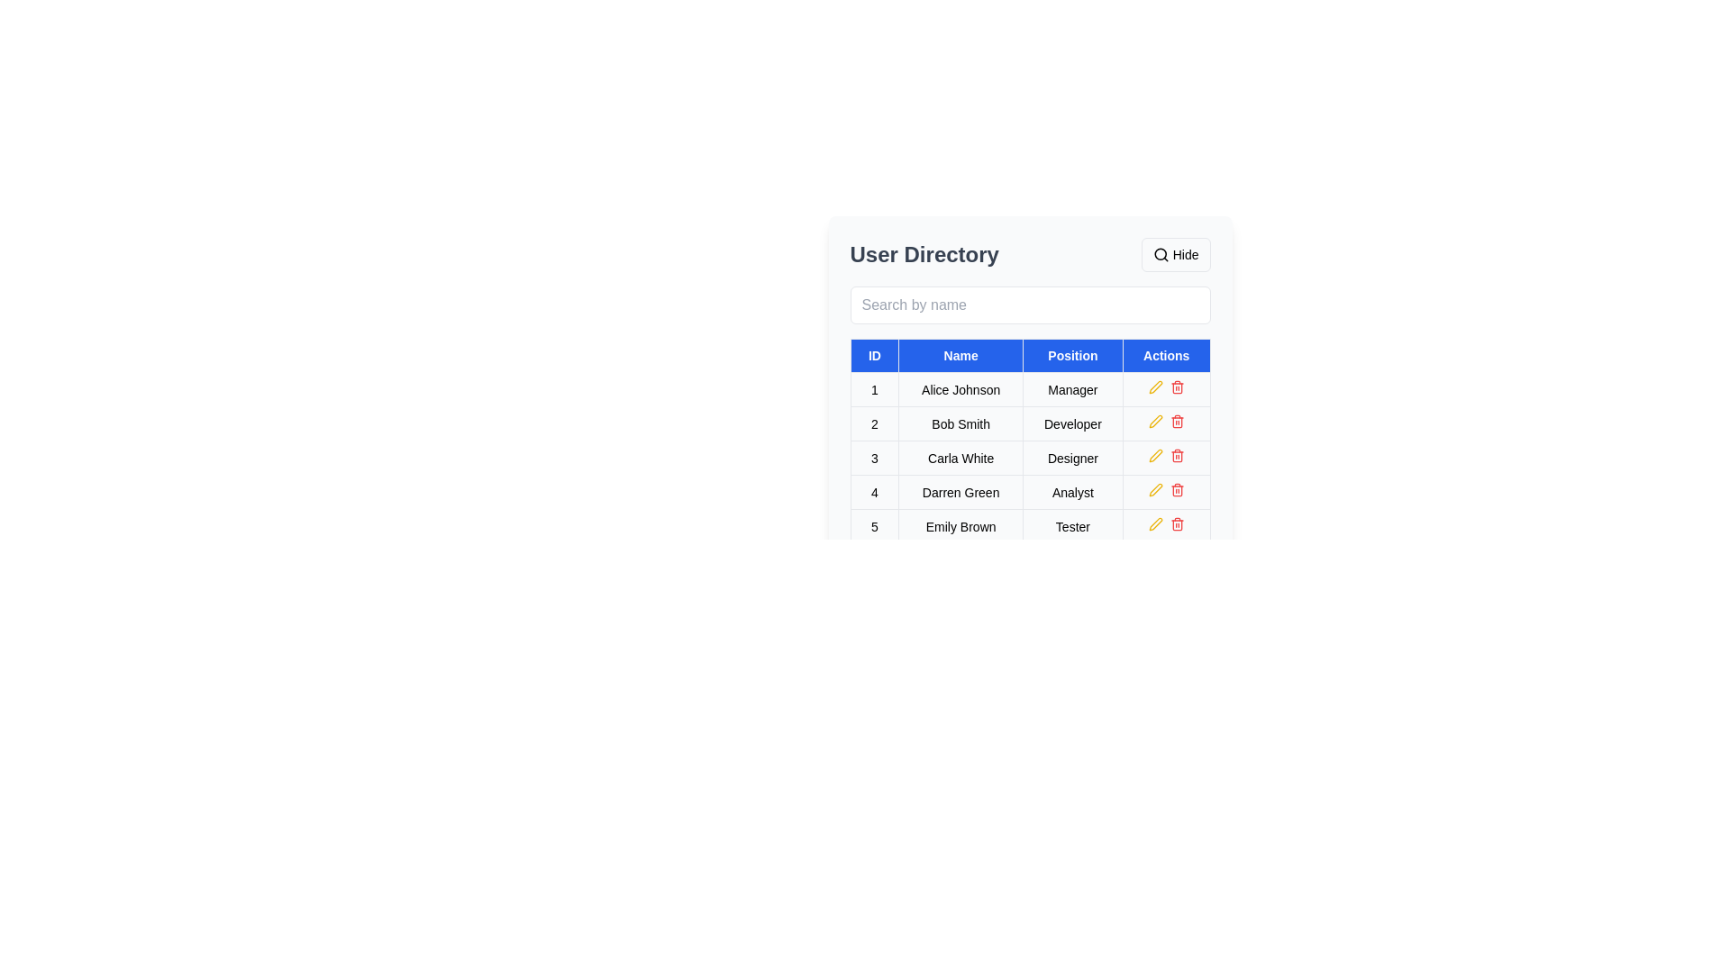  I want to click on the last row of the table representing a user entry with ID '5', so click(1030, 526).